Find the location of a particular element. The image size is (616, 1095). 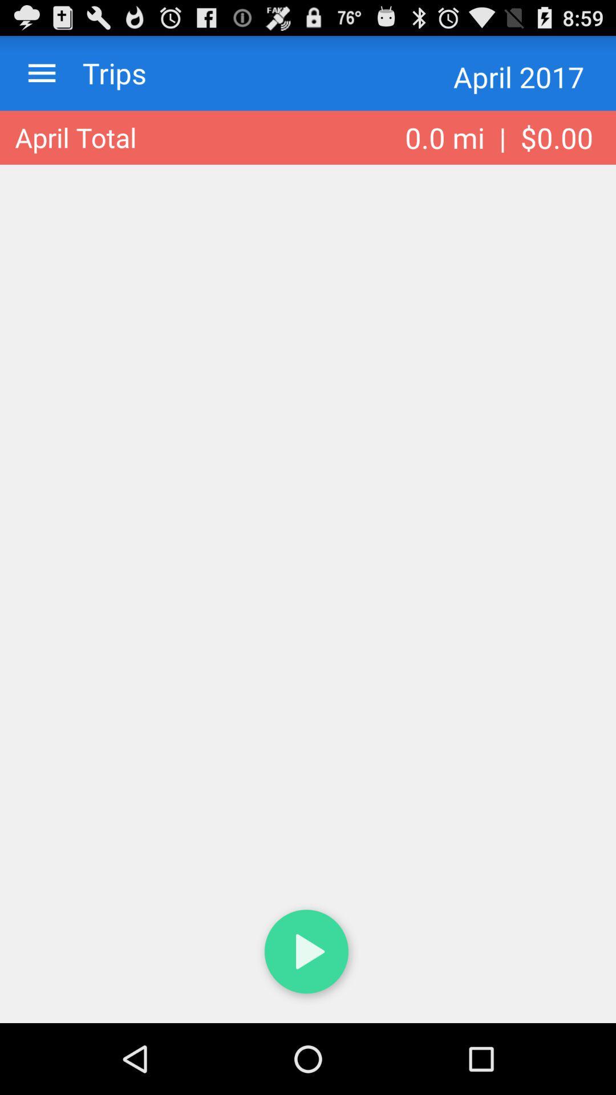

item to the left of the 0 0 mi app is located at coordinates (75, 137).